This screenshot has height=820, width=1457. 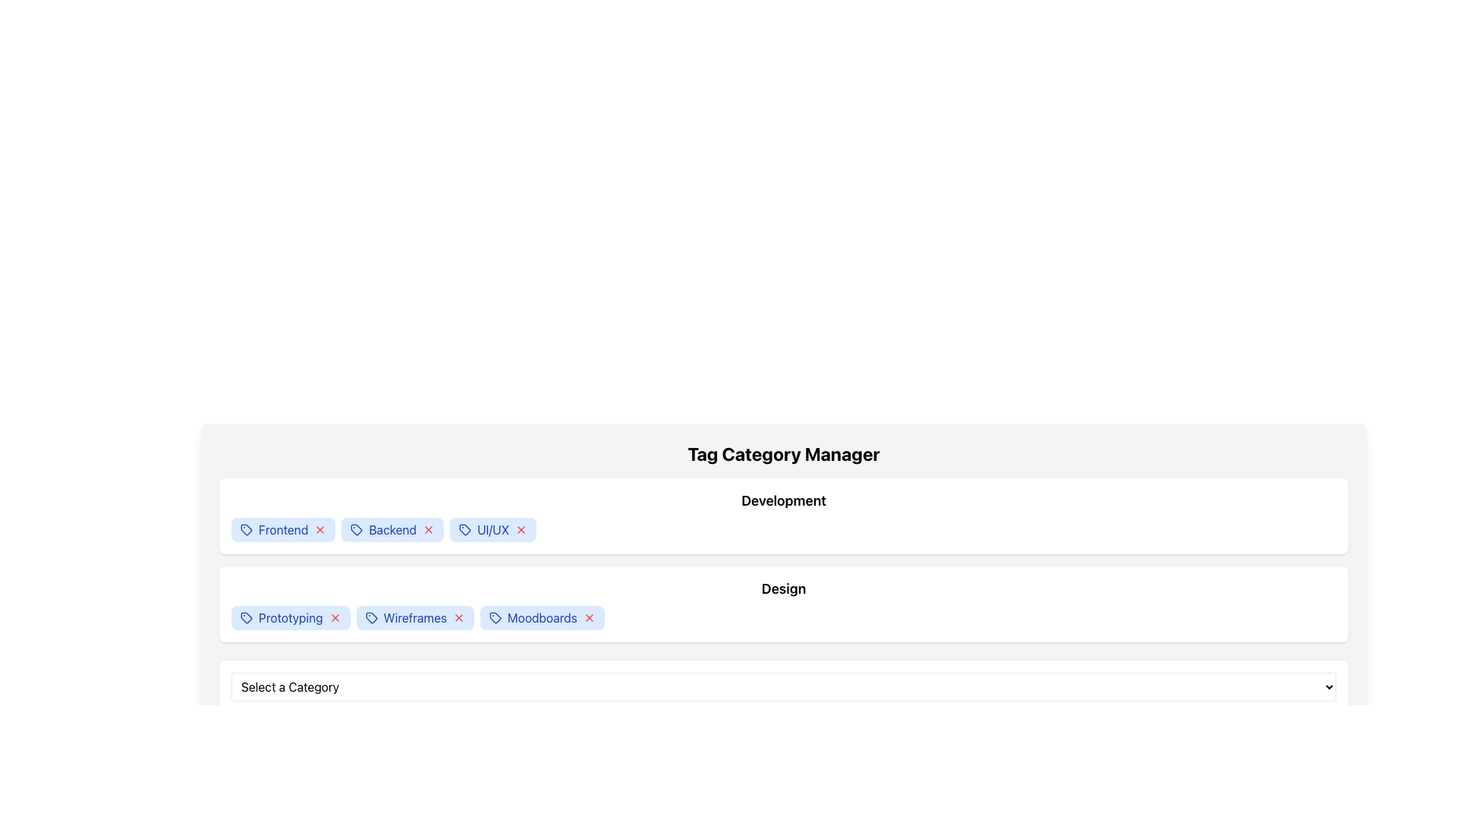 I want to click on the 'Frontend' text label, which is the first tag badge in the 'Development' category, located to the left of the 'Backend' and 'UI/UX' tags, so click(x=283, y=529).